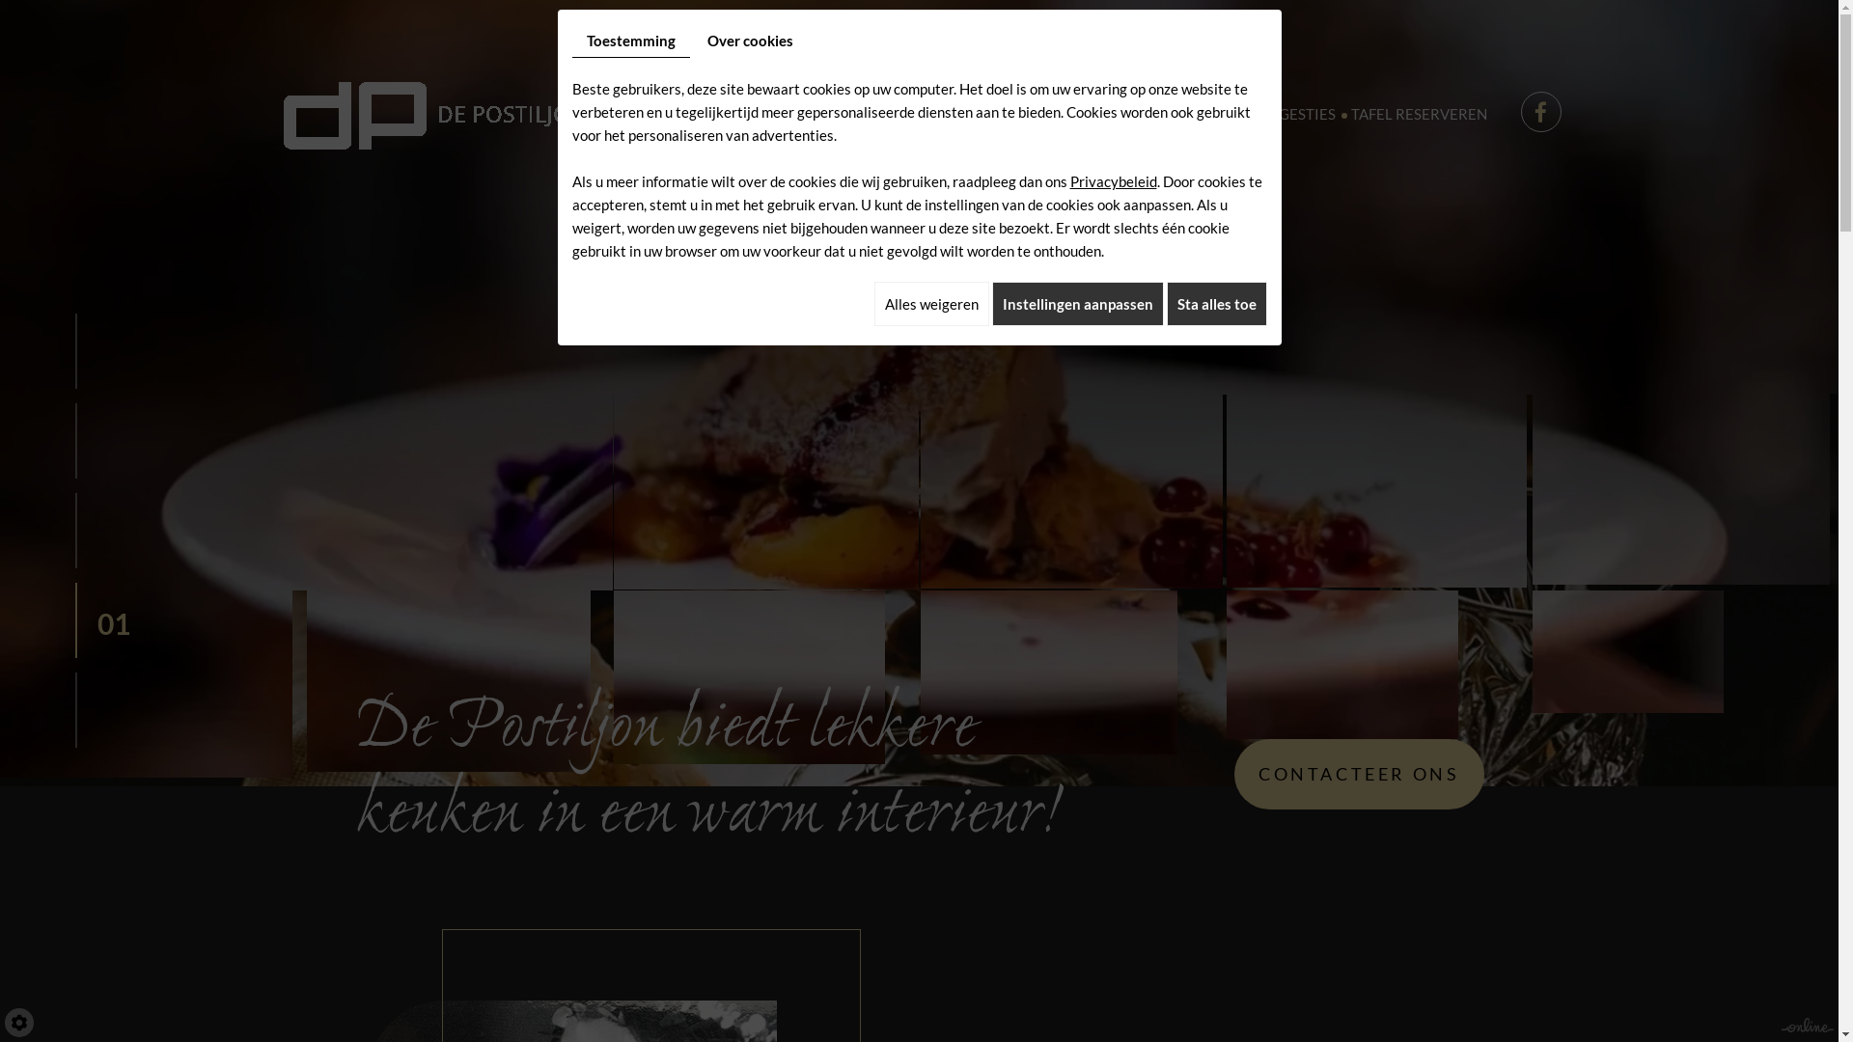 The width and height of the screenshot is (1853, 1042). I want to click on 'Alles weigeren', so click(931, 304).